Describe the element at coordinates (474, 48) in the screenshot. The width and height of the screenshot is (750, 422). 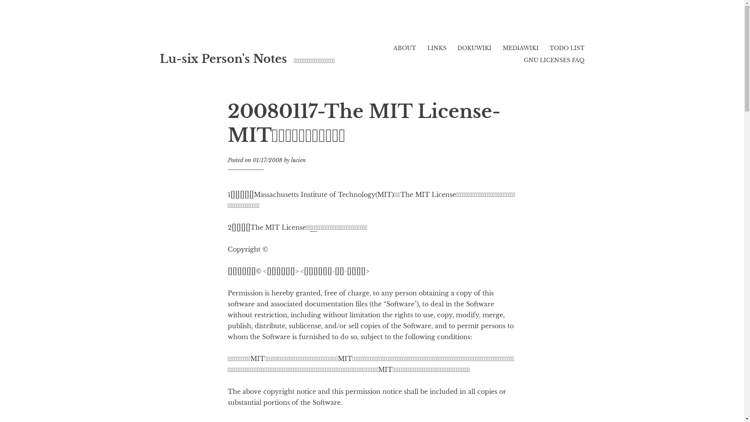
I see `'DOKUWIKI'` at that location.